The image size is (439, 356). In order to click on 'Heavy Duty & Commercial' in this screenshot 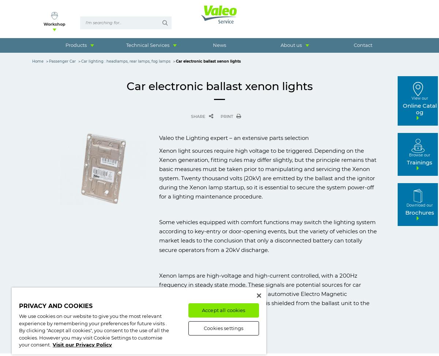, I will do `click(81, 74)`.